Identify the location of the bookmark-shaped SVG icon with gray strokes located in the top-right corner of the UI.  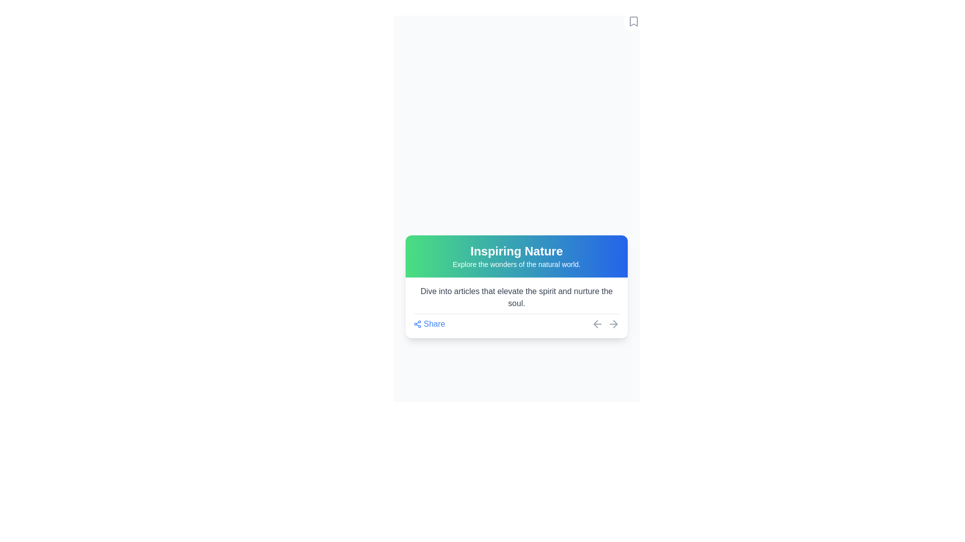
(633, 21).